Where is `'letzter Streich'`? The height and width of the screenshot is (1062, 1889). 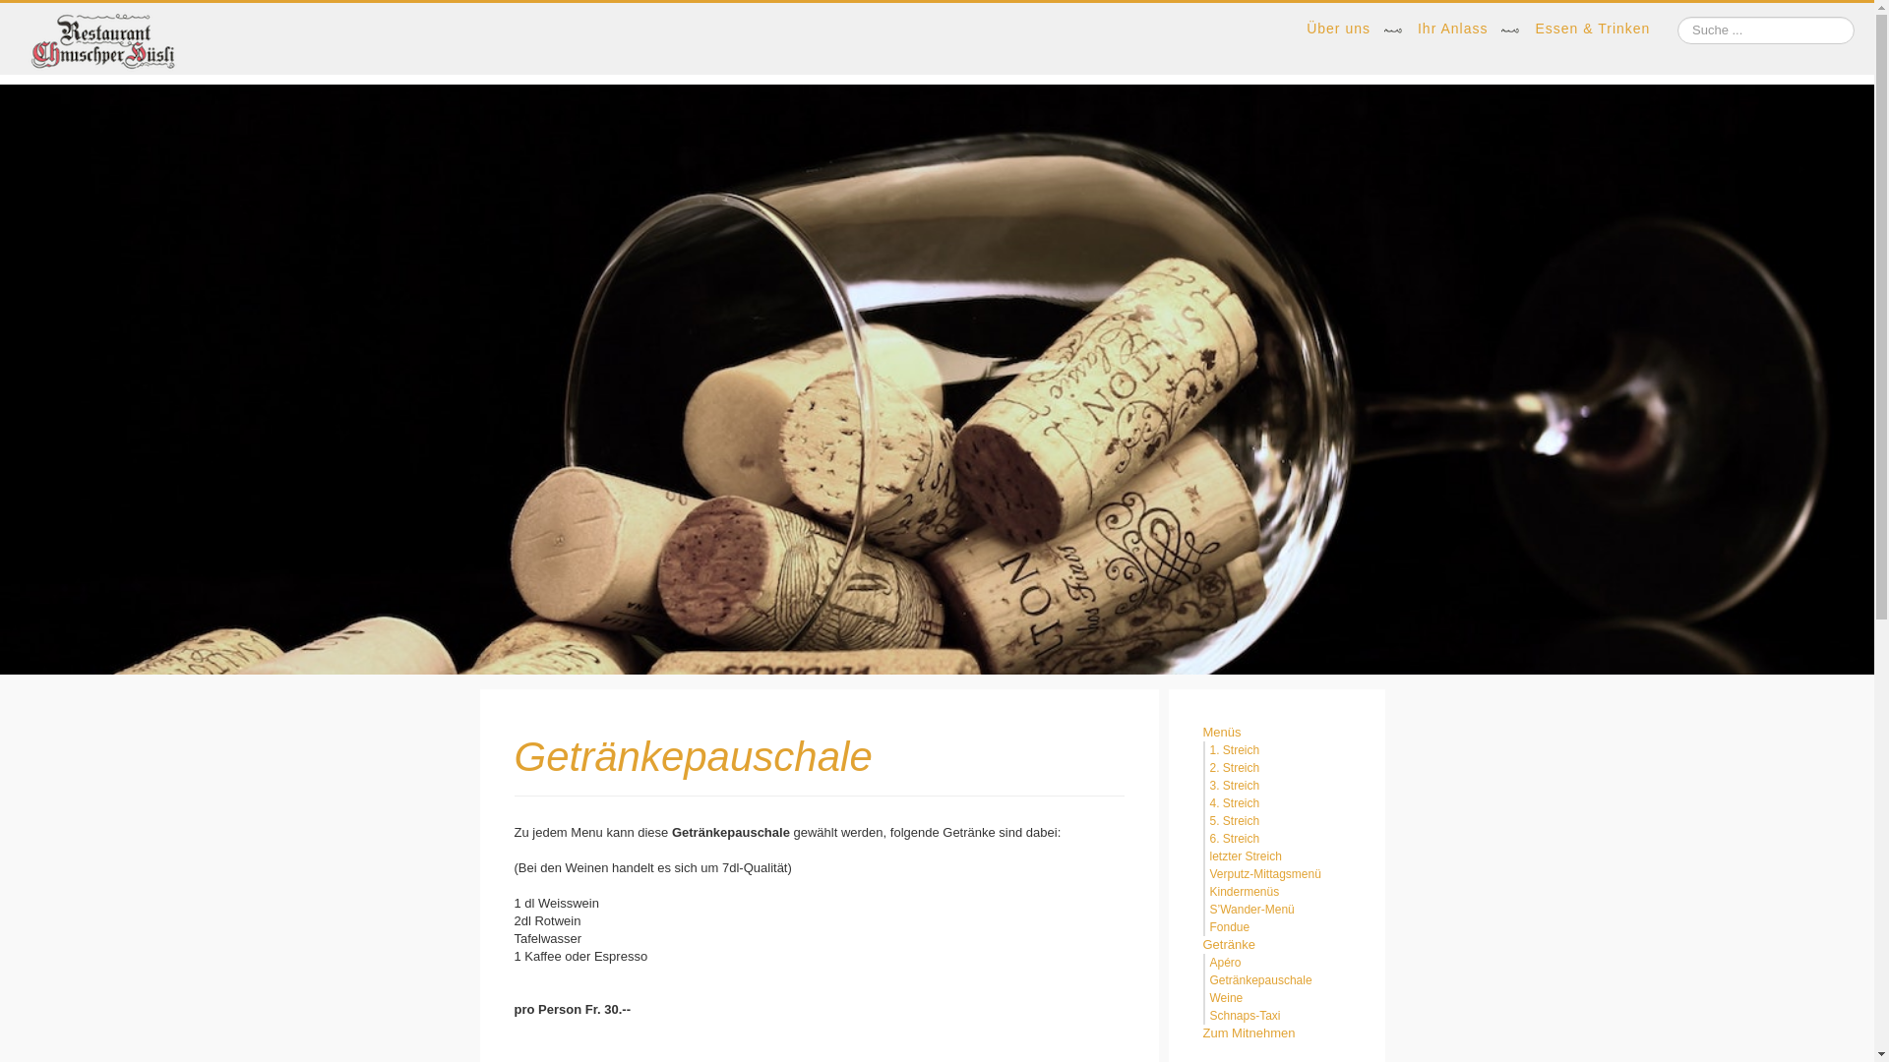
'letzter Streich' is located at coordinates (1245, 855).